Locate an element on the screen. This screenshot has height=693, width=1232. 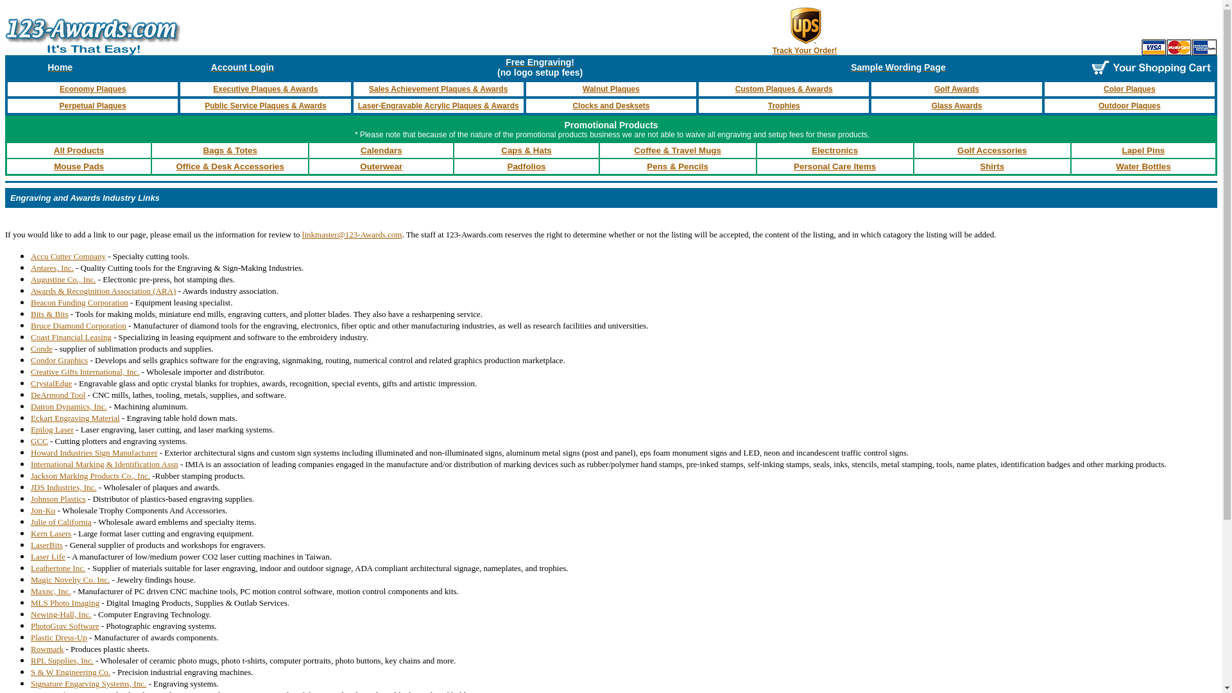
'Newing-Hall, Inc.' is located at coordinates (60, 613).